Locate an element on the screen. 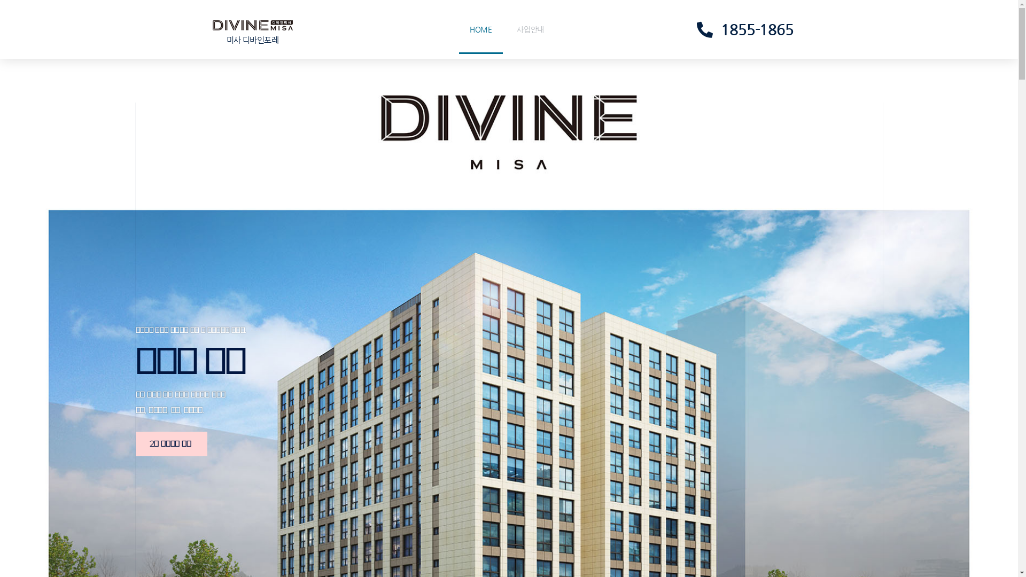 The width and height of the screenshot is (1026, 577). 'HOME' is located at coordinates (480, 28).